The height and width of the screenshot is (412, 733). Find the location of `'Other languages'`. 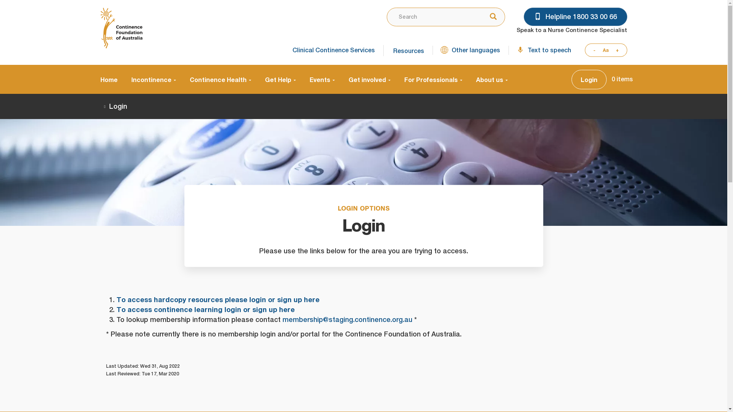

'Other languages' is located at coordinates (470, 50).